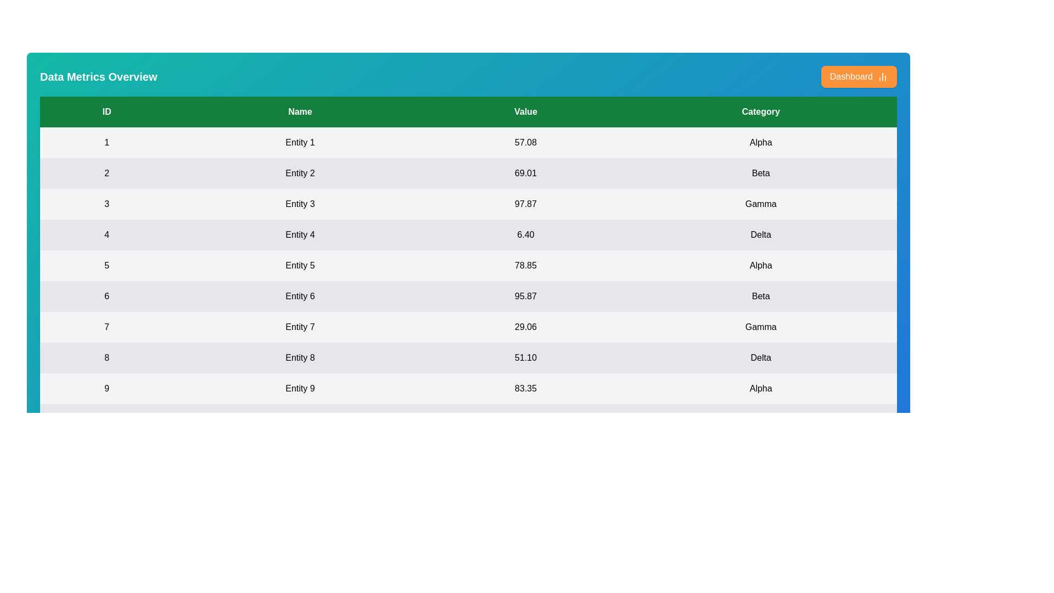  Describe the element at coordinates (468, 204) in the screenshot. I see `the row corresponding to 3` at that location.